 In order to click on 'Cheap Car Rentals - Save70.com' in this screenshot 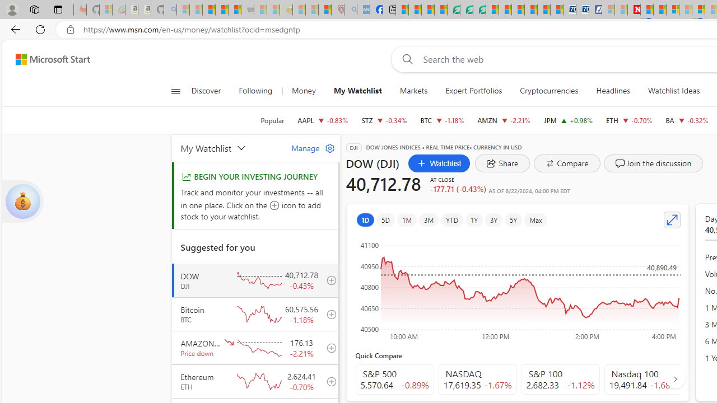, I will do `click(569, 10)`.